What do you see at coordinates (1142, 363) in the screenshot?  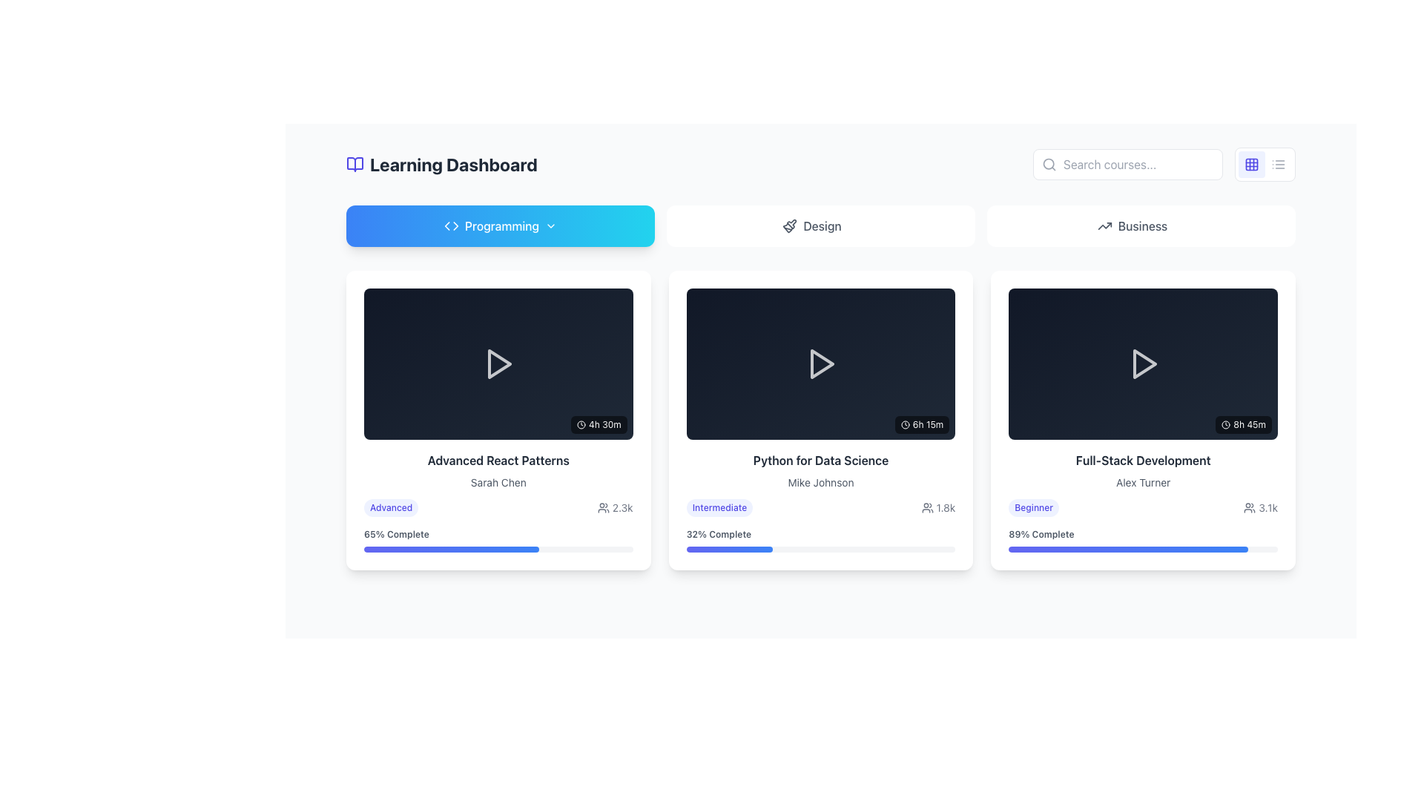 I see `the triangular play icon with a white outline located in the center of the 'Full-Stack Development' card by 'Alex Turner' to initiate playback` at bounding box center [1142, 363].